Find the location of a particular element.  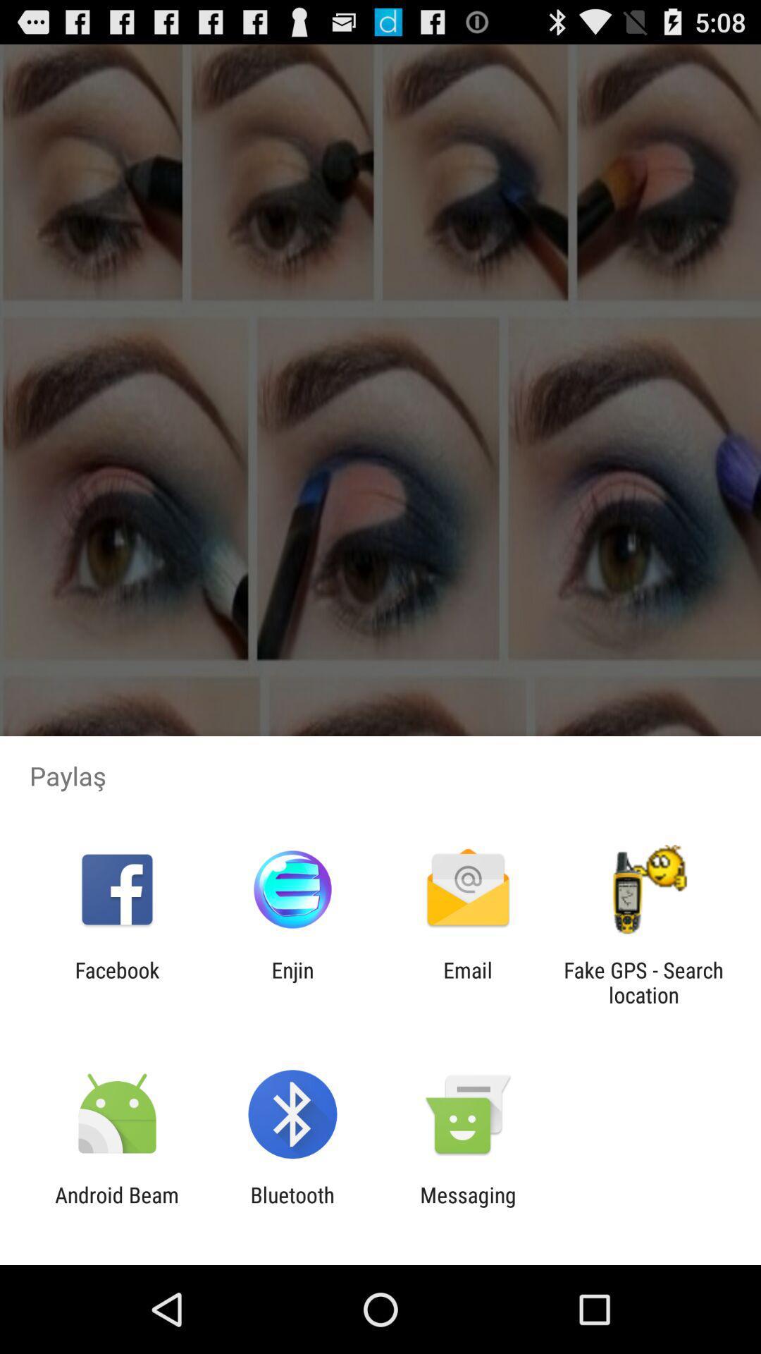

the app next to the fake gps search item is located at coordinates (468, 982).